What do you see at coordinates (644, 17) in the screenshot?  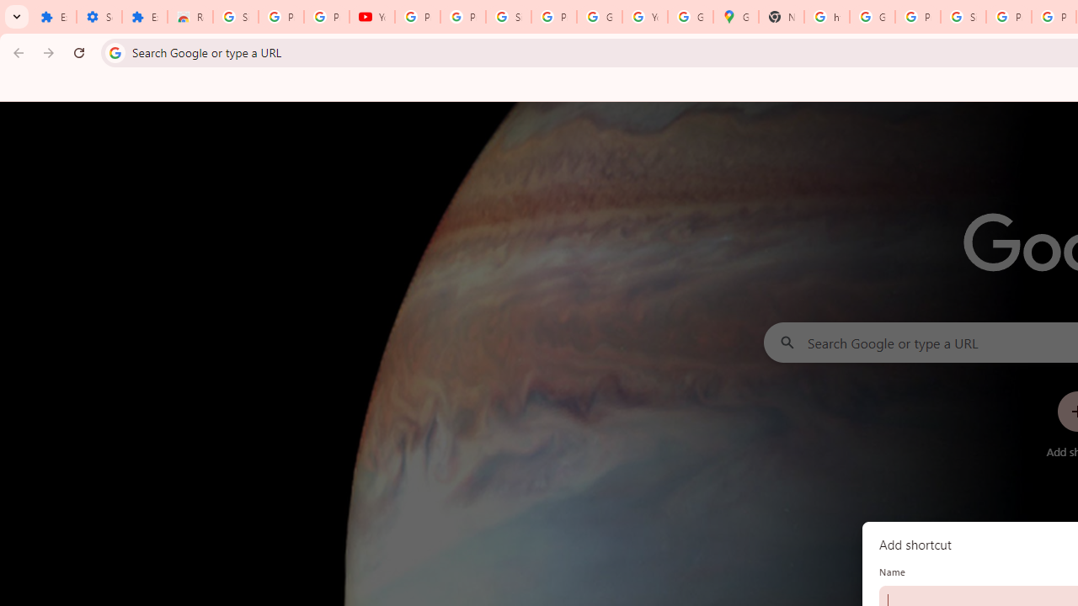 I see `'YouTube'` at bounding box center [644, 17].